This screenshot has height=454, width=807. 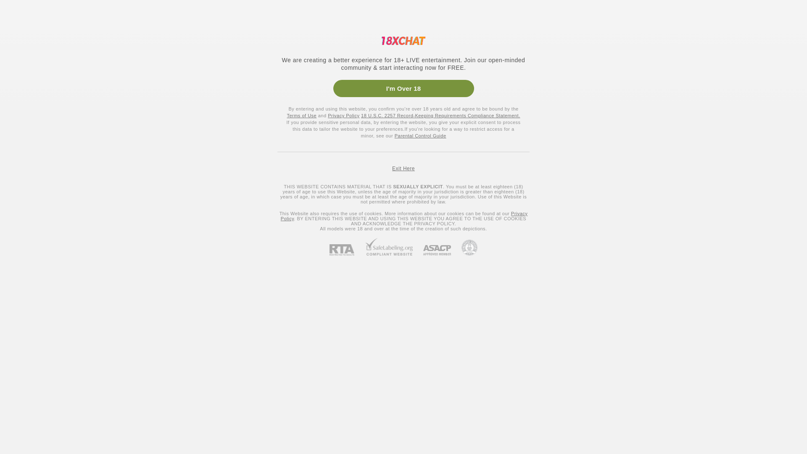 What do you see at coordinates (164, 11) in the screenshot?
I see `'Top Models'` at bounding box center [164, 11].